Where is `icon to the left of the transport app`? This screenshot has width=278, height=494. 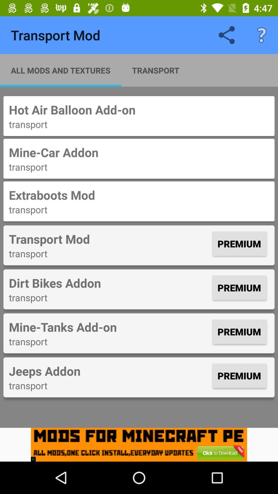
icon to the left of the transport app is located at coordinates (60, 70).